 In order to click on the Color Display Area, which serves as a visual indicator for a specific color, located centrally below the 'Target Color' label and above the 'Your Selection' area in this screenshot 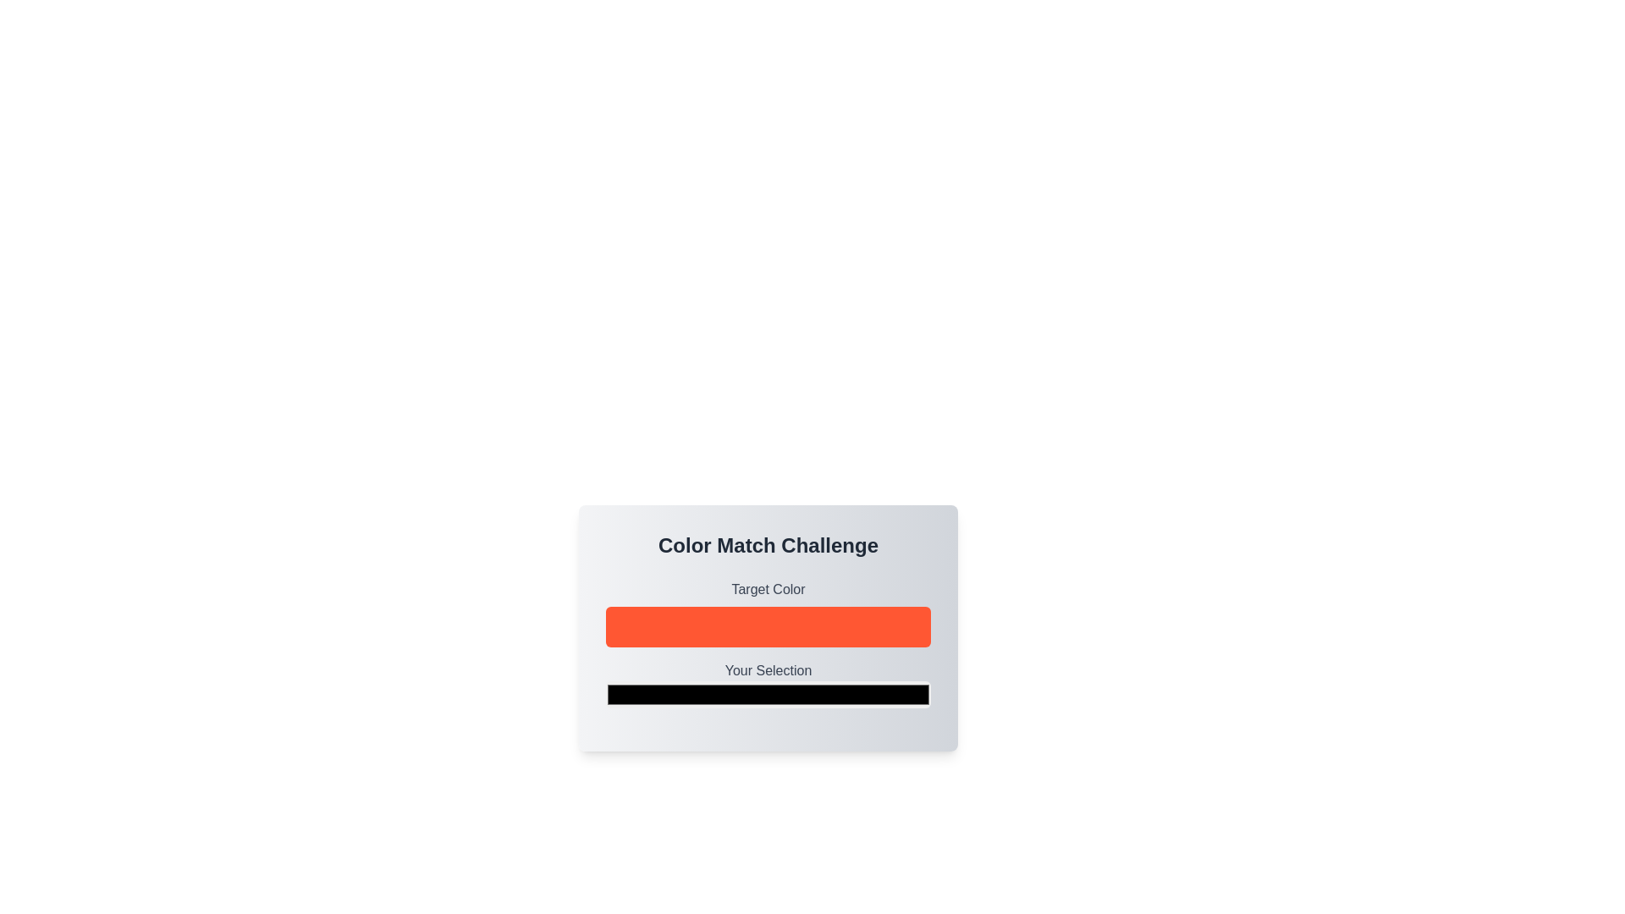, I will do `click(767, 645)`.